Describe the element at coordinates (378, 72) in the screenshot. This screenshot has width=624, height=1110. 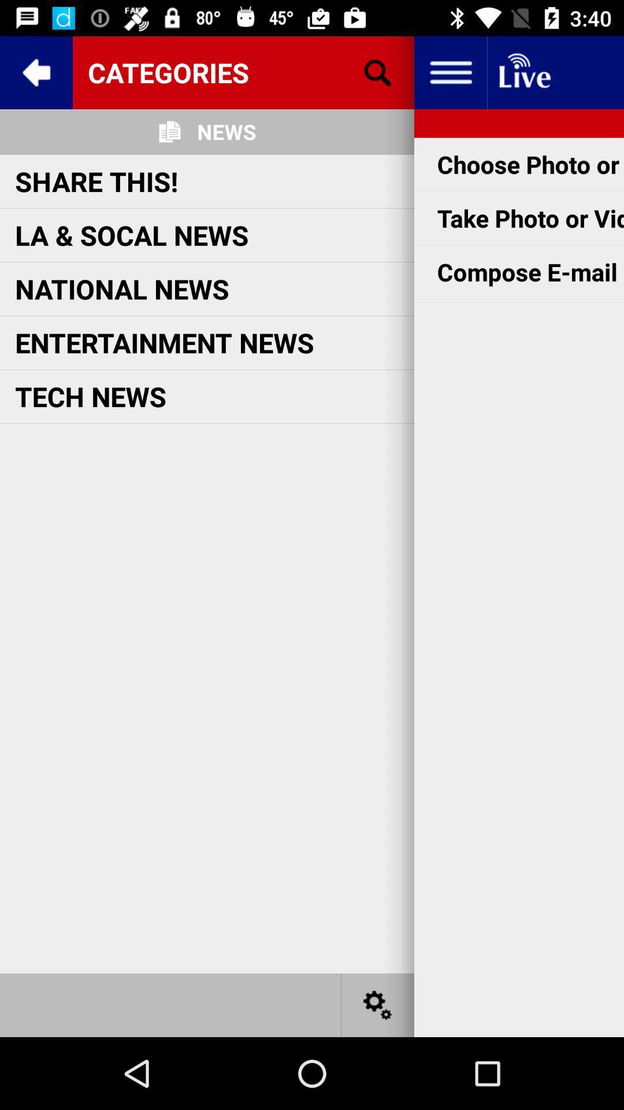
I see `the icon next to news icon` at that location.